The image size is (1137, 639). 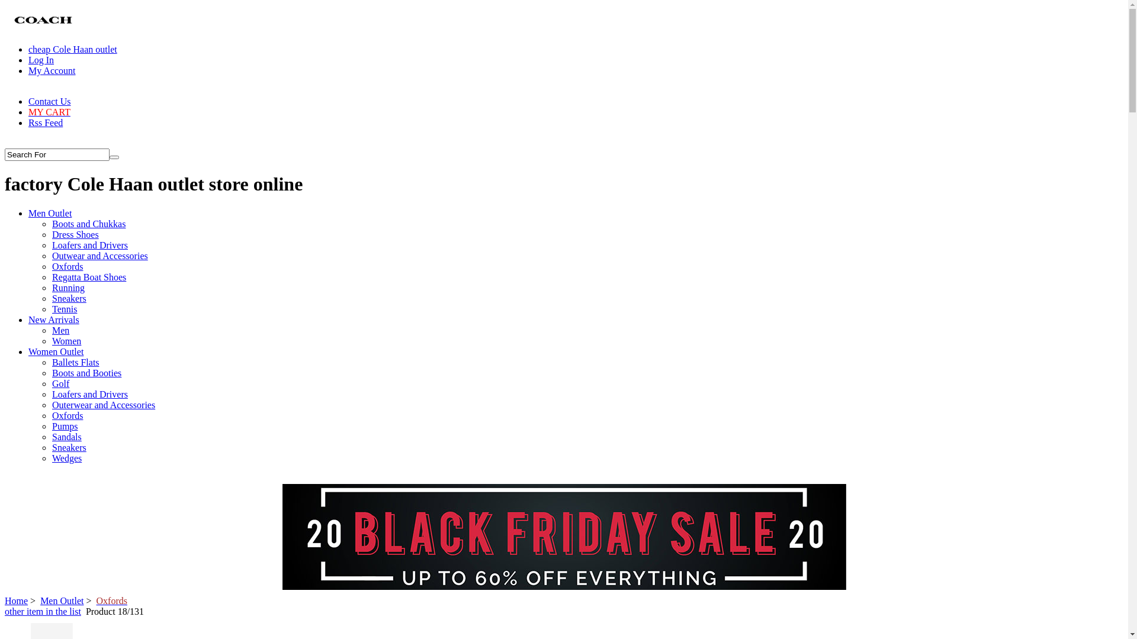 What do you see at coordinates (65, 426) in the screenshot?
I see `'Pumps'` at bounding box center [65, 426].